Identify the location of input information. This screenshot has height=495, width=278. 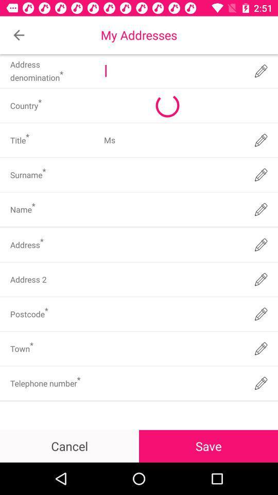
(172, 349).